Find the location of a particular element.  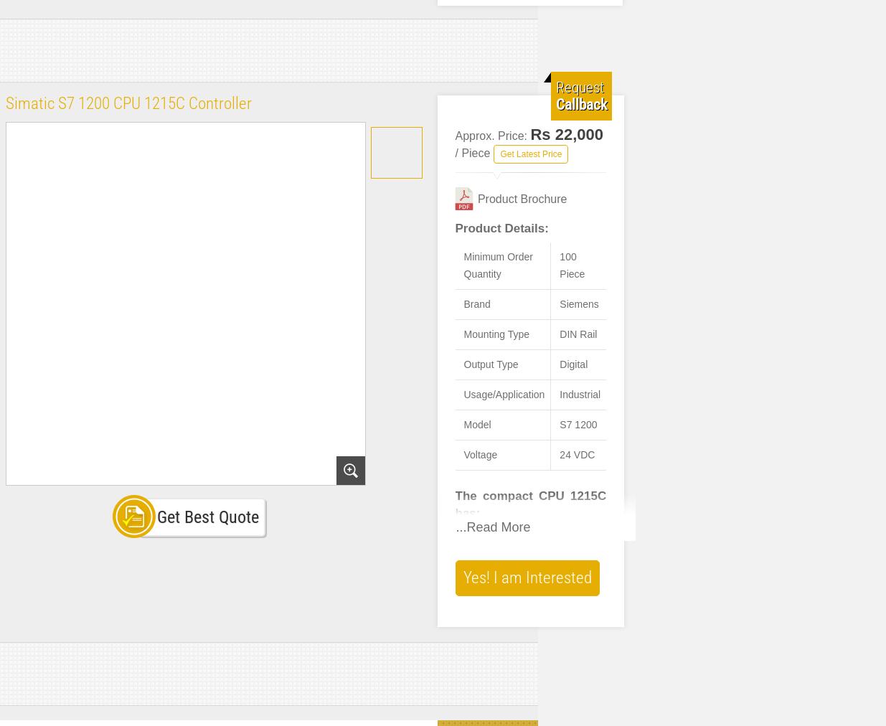

'Output Type' is located at coordinates (490, 364).